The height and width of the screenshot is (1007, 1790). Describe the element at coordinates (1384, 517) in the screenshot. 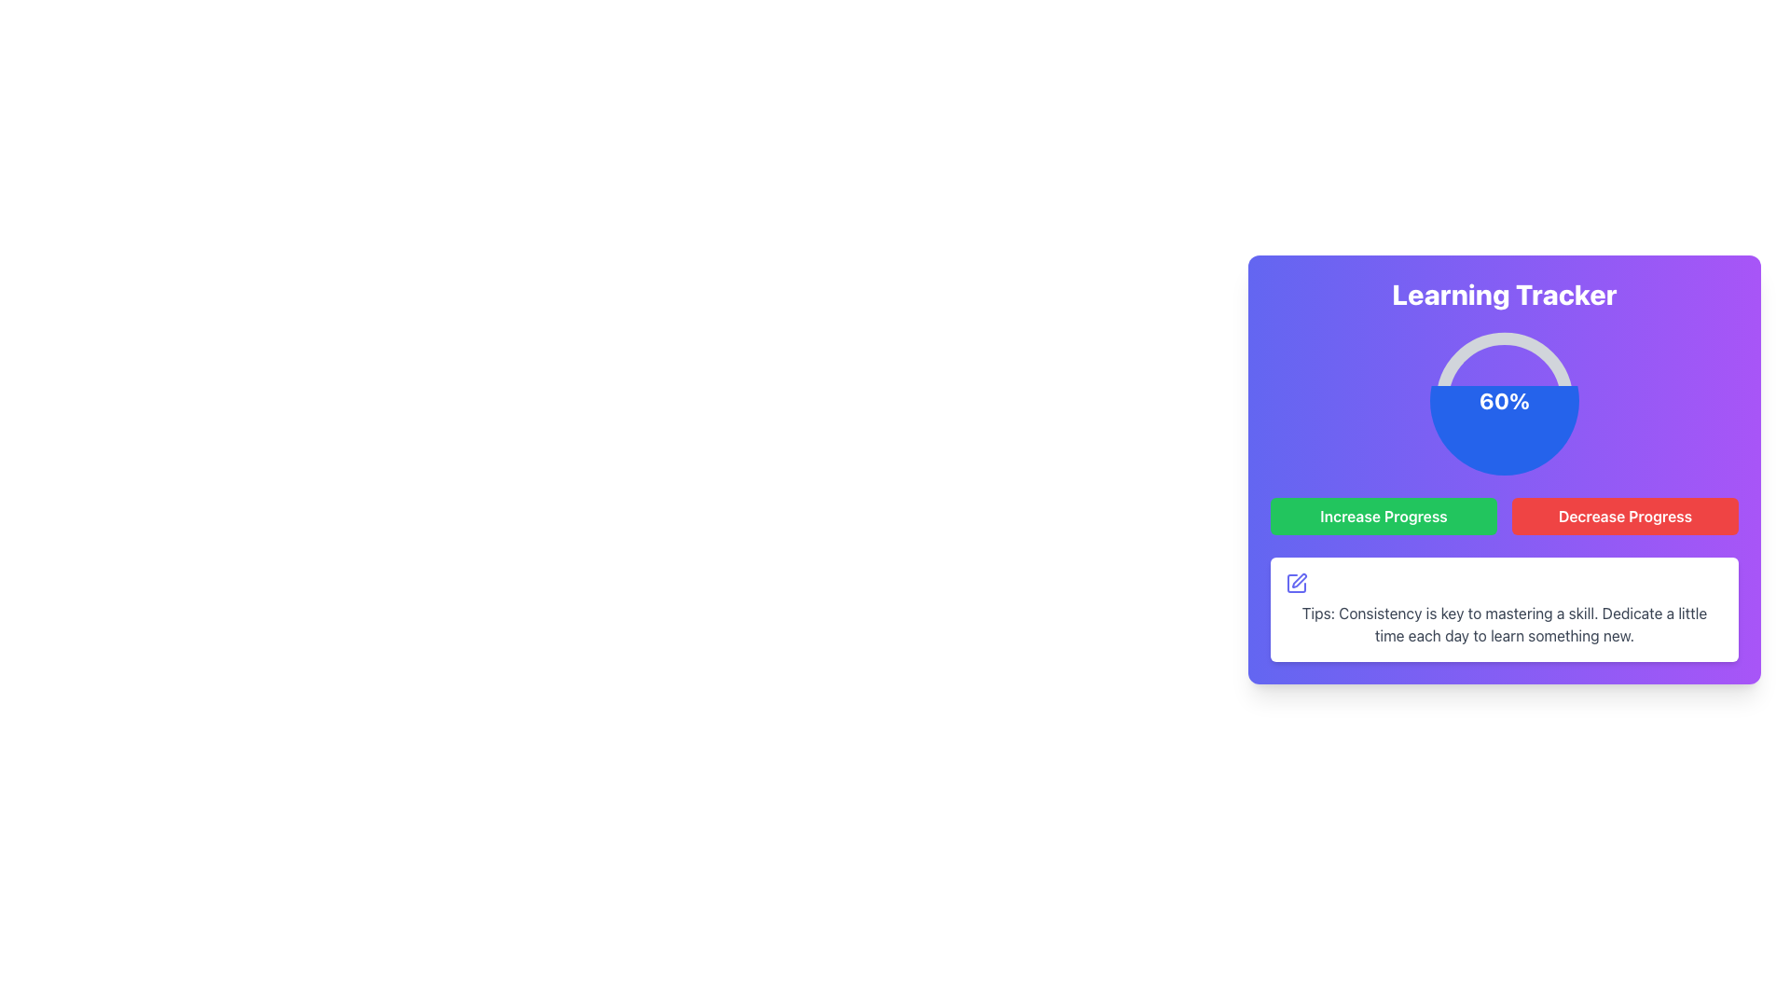

I see `the green button labeled 'Increase Progress'` at that location.